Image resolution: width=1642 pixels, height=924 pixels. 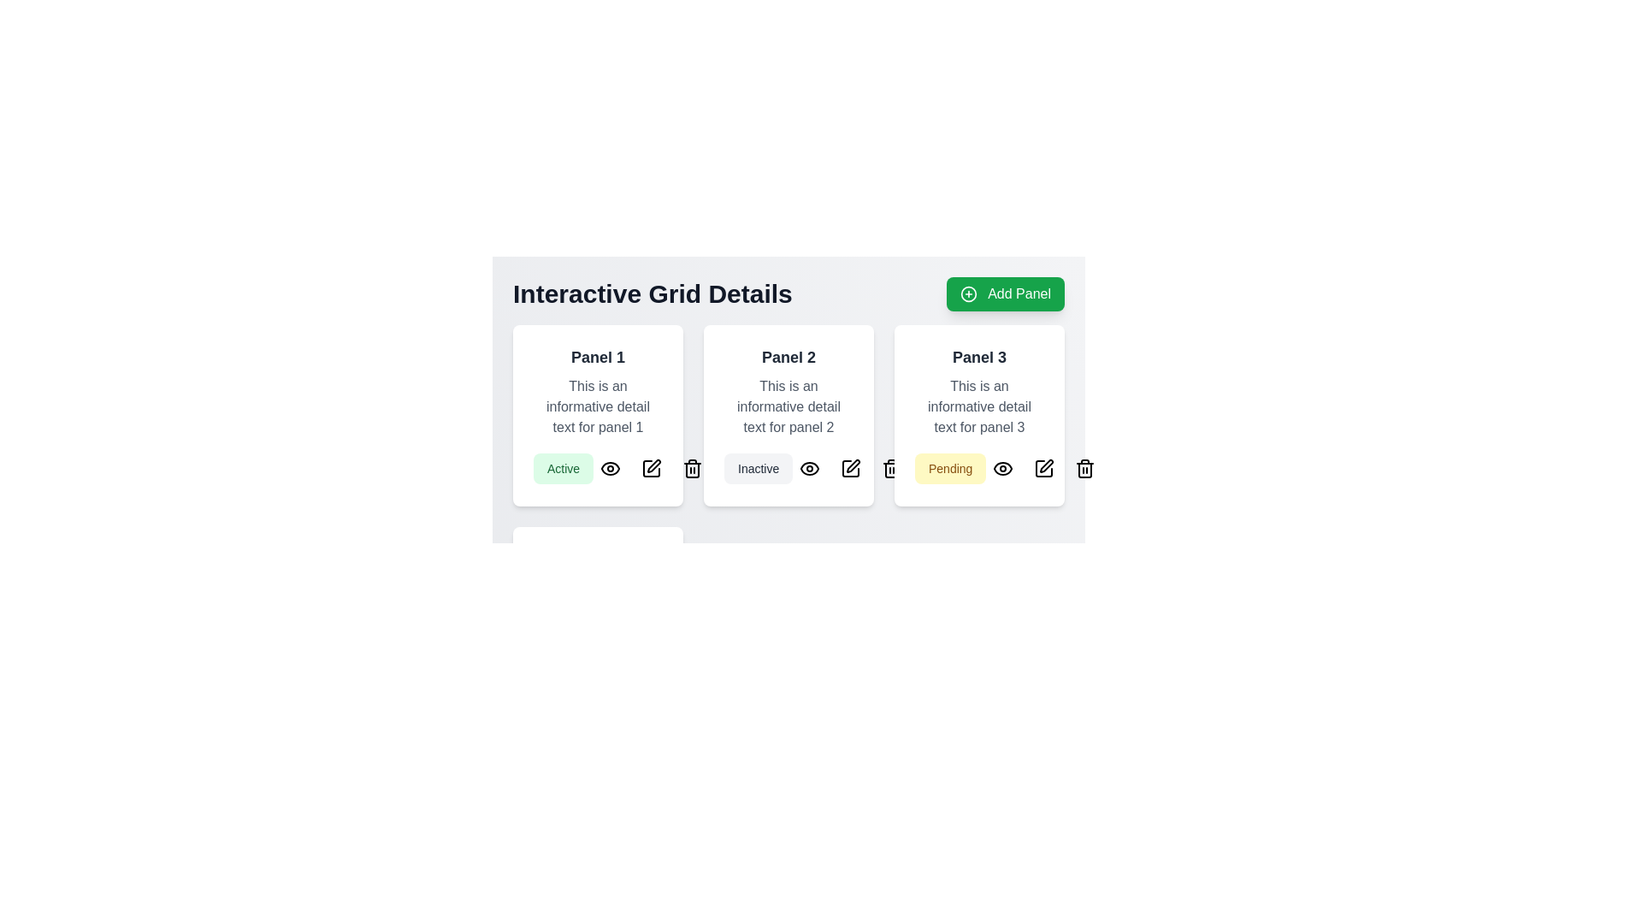 What do you see at coordinates (1084, 468) in the screenshot?
I see `the trash can icon button located at the far-right of the third panel for potential visual feedback` at bounding box center [1084, 468].